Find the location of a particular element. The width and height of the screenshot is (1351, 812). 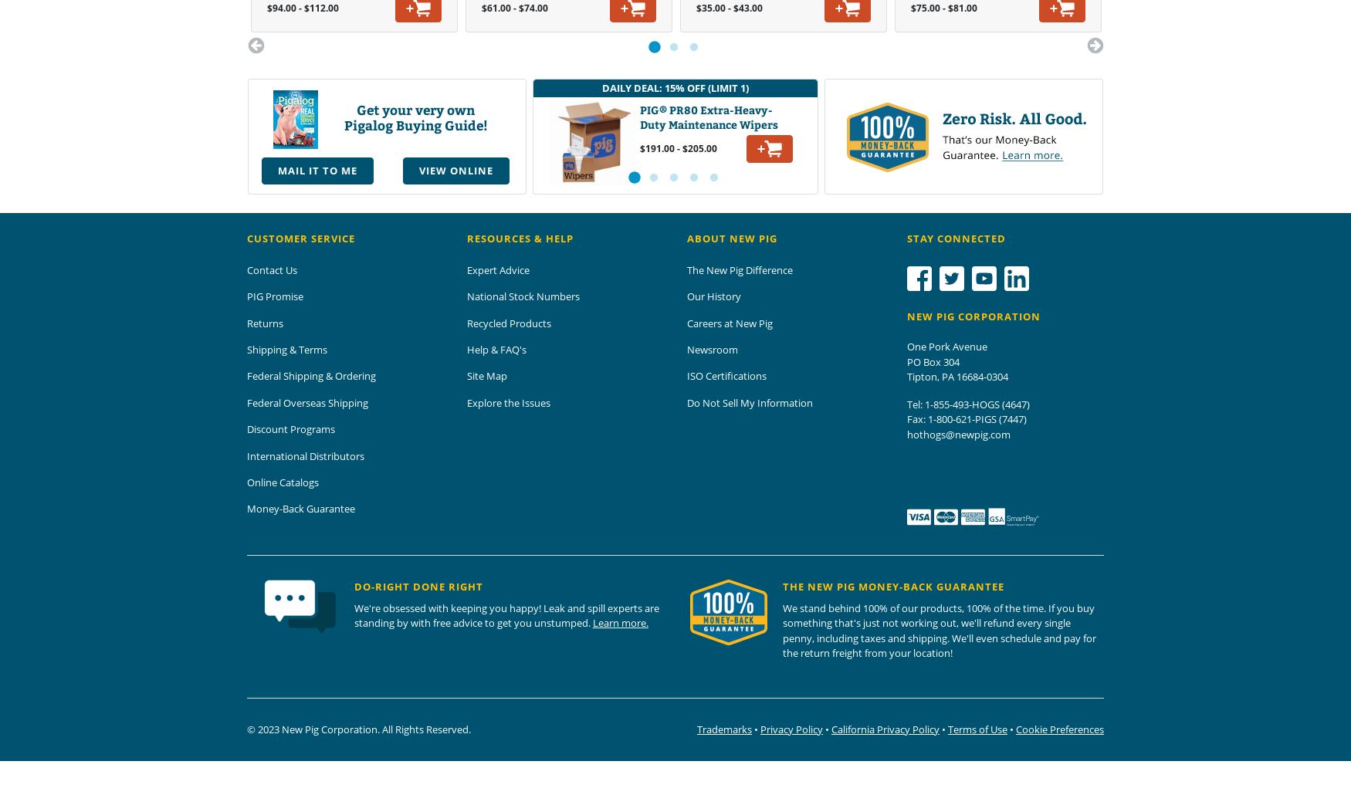

'hothogs@newpig.com' is located at coordinates (906, 433).